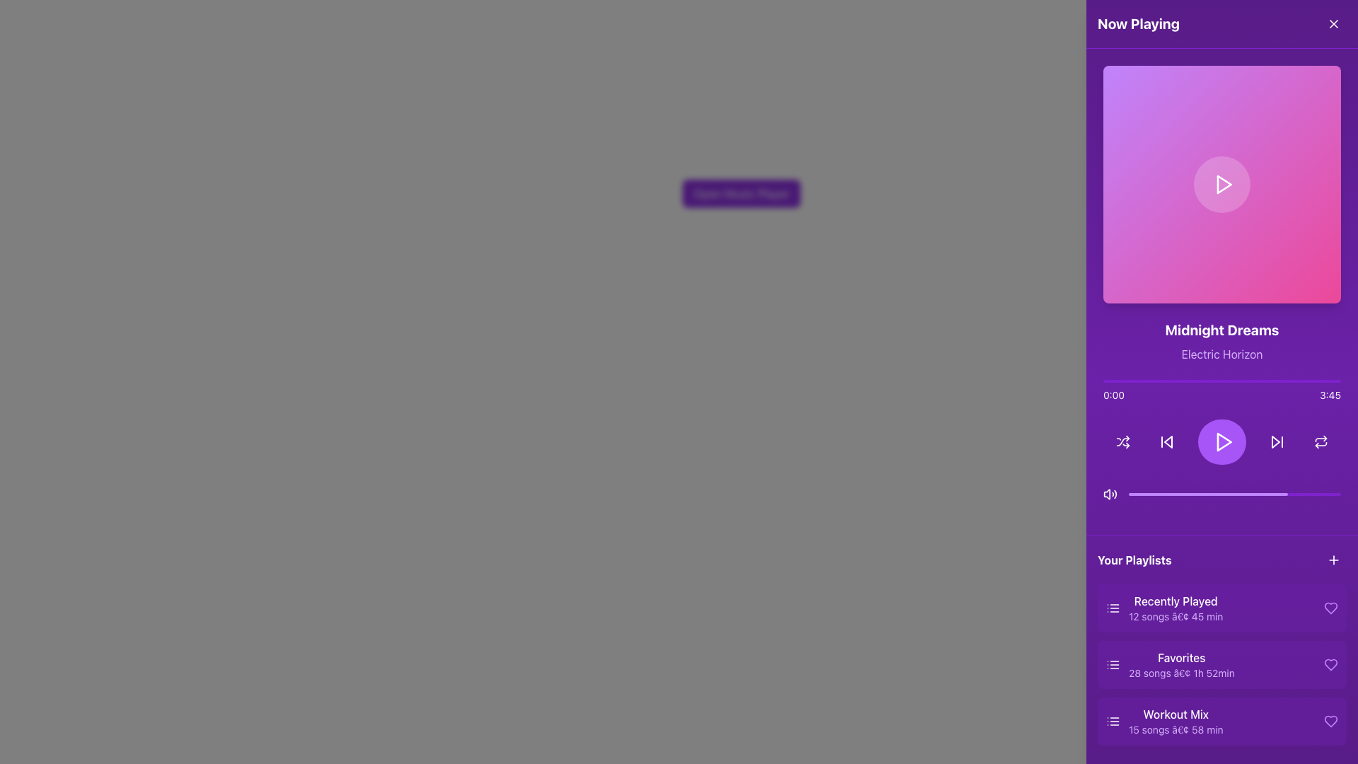  I want to click on the heart-shaped favorite icon in purple located within the 'Recently Played' playlist entry under 'Your Playlists', so click(1330, 608).